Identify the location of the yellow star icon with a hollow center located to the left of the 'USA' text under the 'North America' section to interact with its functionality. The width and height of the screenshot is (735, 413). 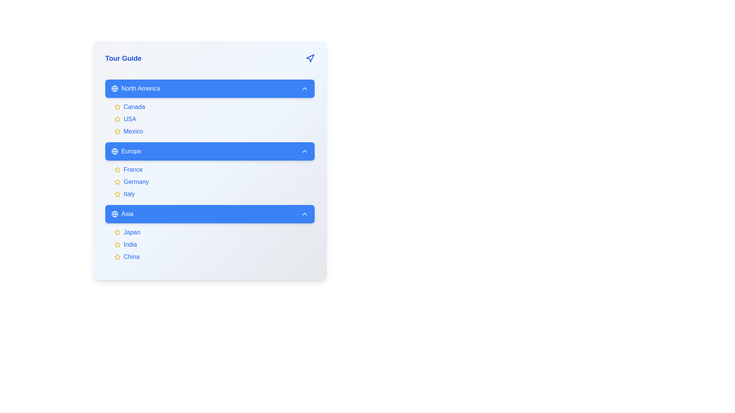
(117, 119).